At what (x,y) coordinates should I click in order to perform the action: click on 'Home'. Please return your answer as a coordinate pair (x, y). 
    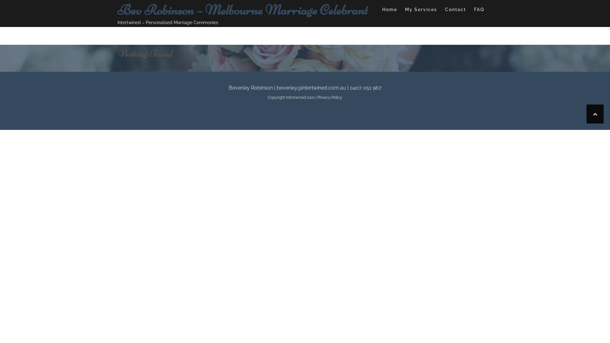
    Looking at the image, I should click on (389, 10).